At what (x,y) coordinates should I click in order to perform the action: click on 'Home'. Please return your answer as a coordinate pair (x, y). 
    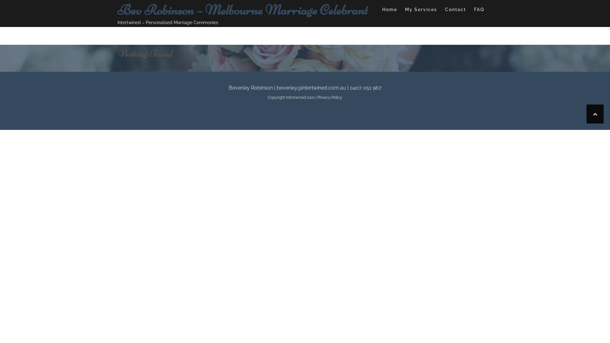
    Looking at the image, I should click on (389, 10).